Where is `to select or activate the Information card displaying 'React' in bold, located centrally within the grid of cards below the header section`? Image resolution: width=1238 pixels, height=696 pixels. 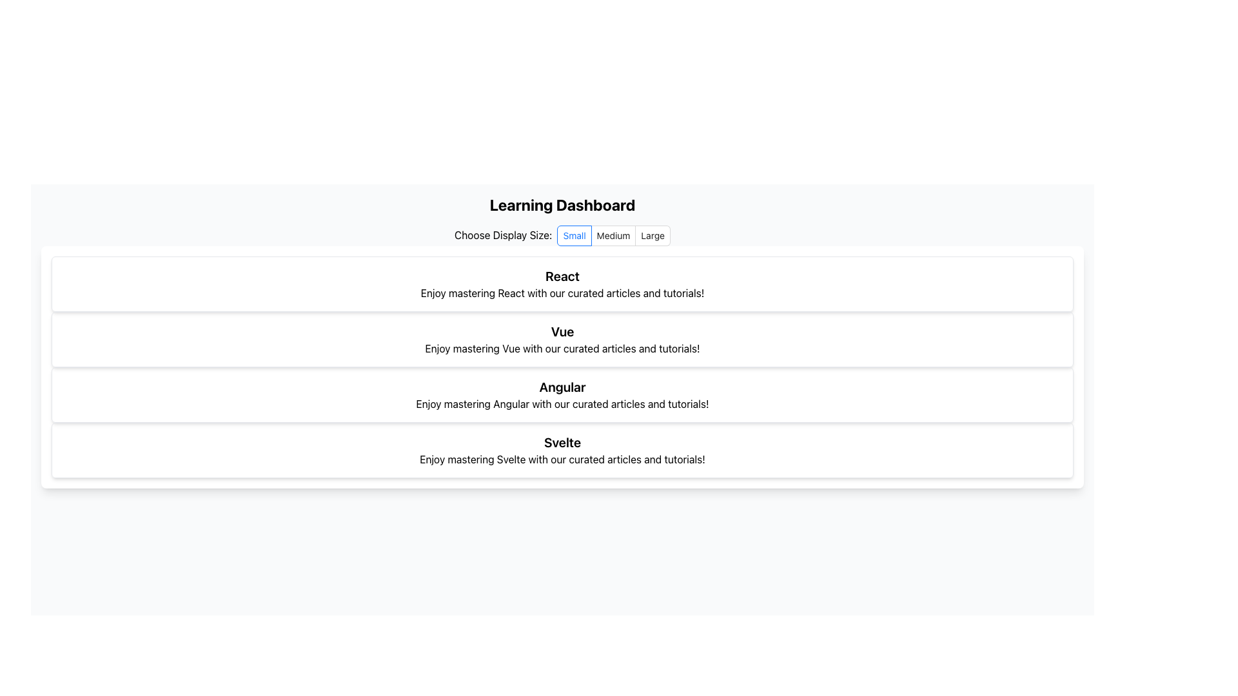 to select or activate the Information card displaying 'React' in bold, located centrally within the grid of cards below the header section is located at coordinates (562, 283).